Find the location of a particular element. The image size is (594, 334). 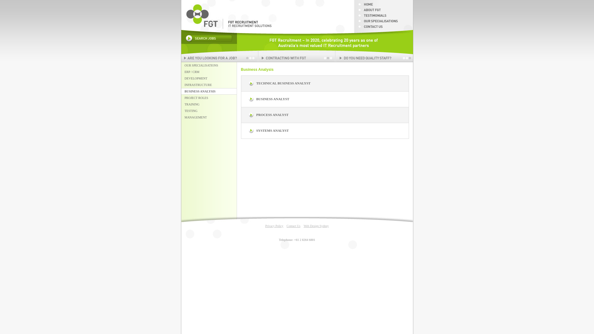

'Web Design Sydney' is located at coordinates (316, 226).